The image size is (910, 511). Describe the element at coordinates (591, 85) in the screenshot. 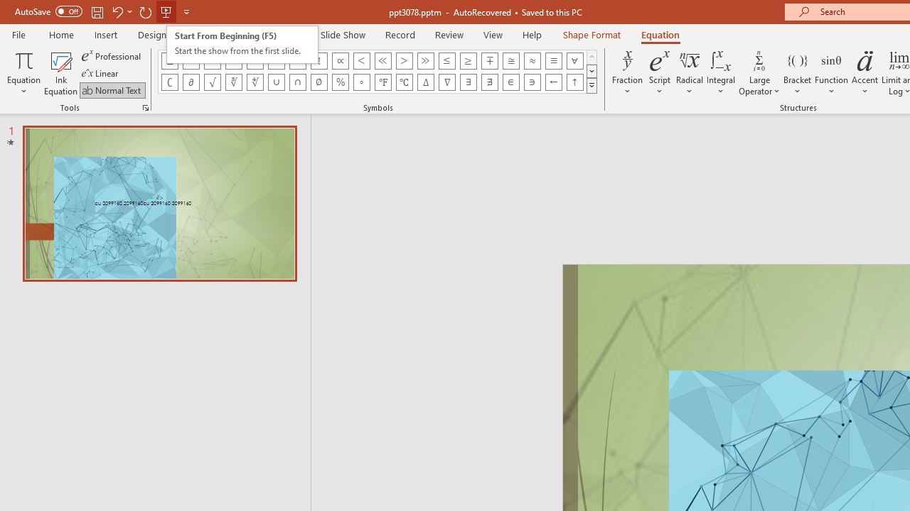

I see `'Equation Symbols'` at that location.